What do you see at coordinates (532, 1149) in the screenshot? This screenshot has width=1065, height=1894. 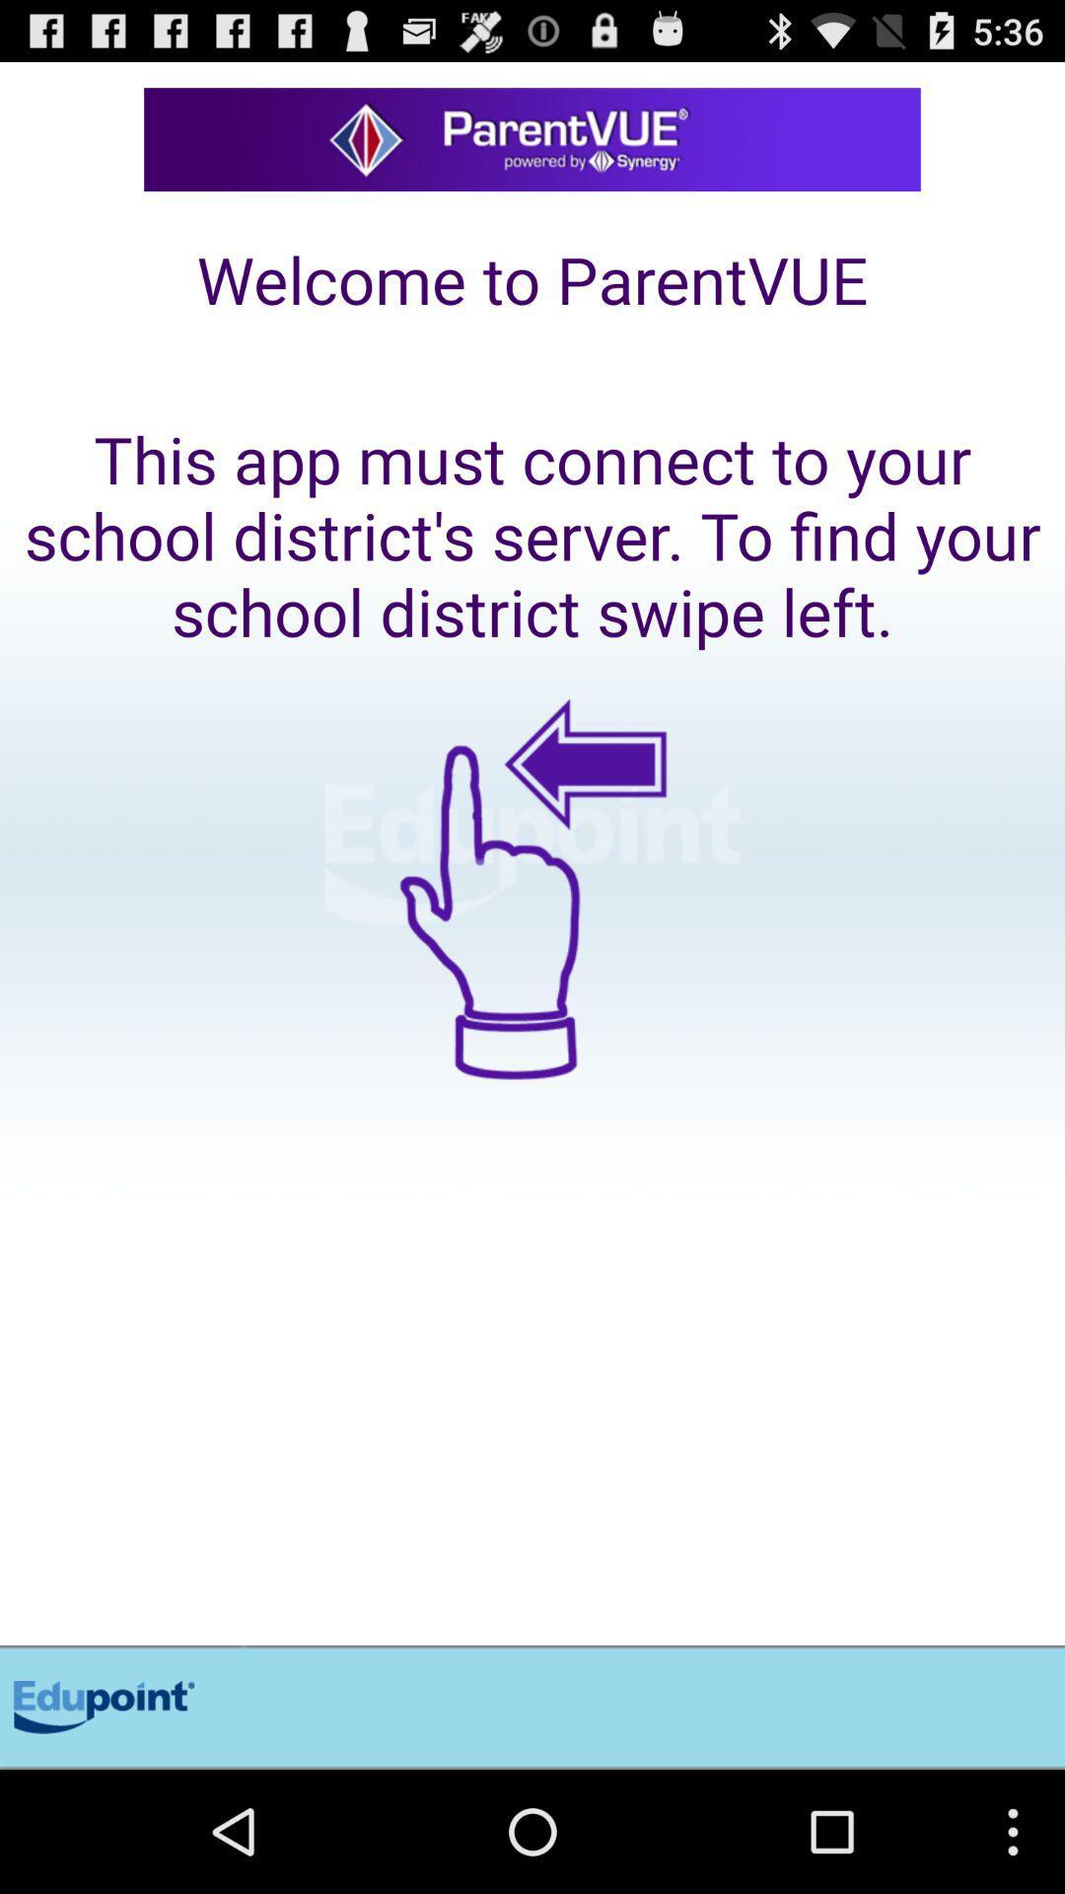 I see `swipe` at bounding box center [532, 1149].